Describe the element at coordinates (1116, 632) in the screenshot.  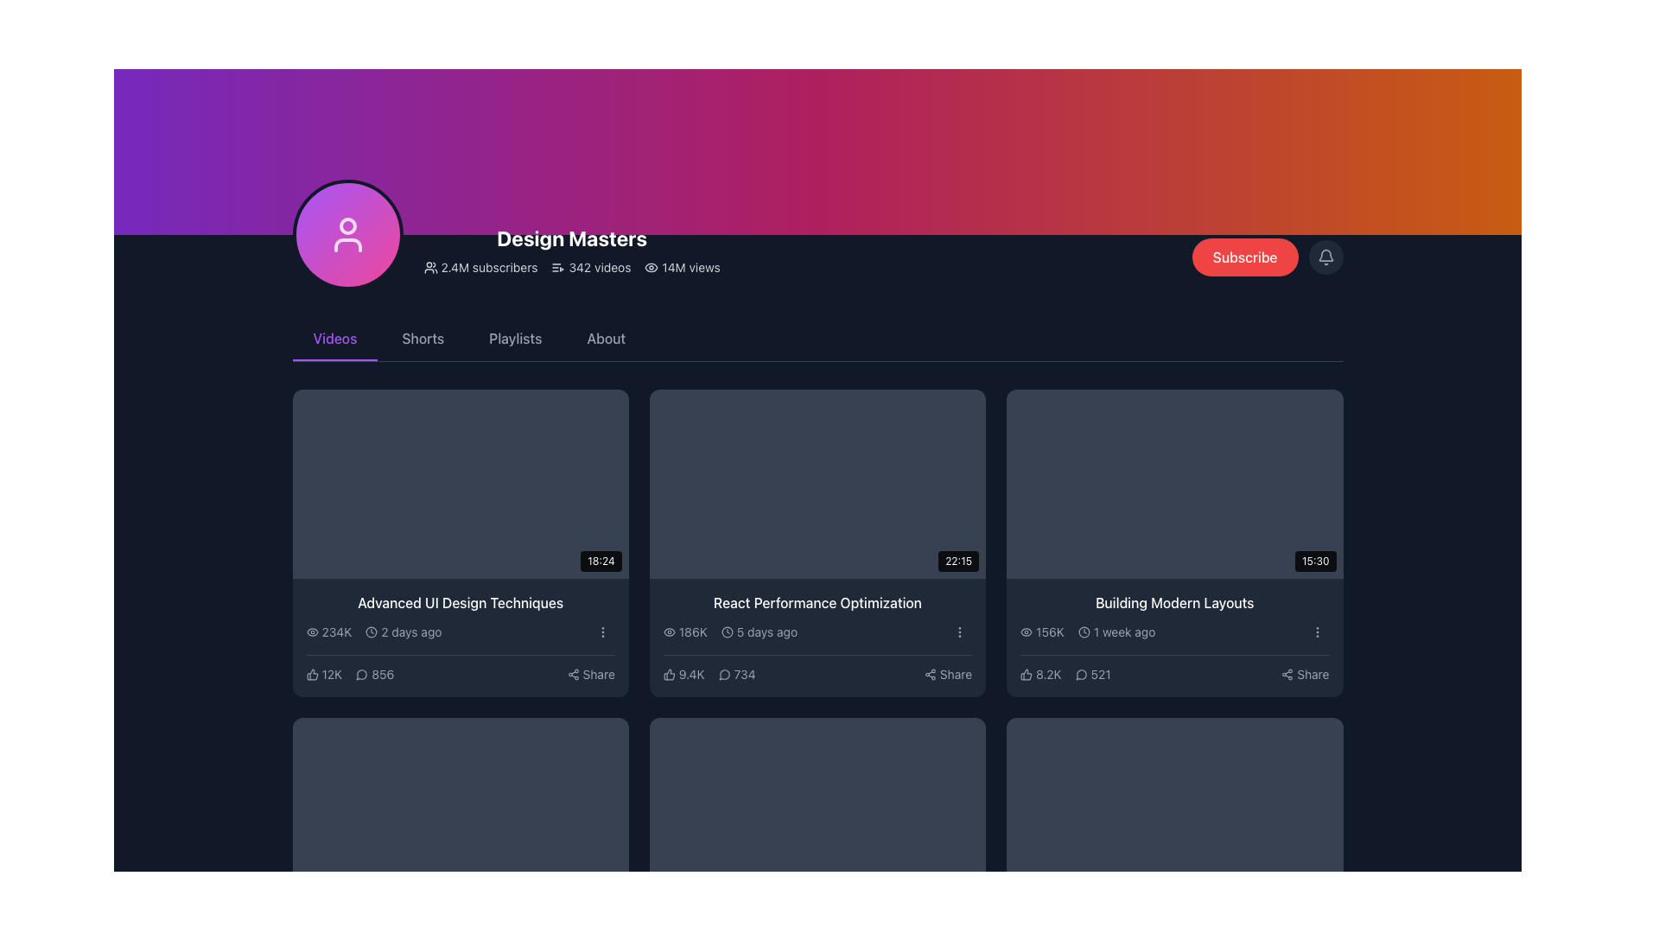
I see `timestamp description located directly below the title 'Building Modern Layouts' in the third column of the video grid` at that location.